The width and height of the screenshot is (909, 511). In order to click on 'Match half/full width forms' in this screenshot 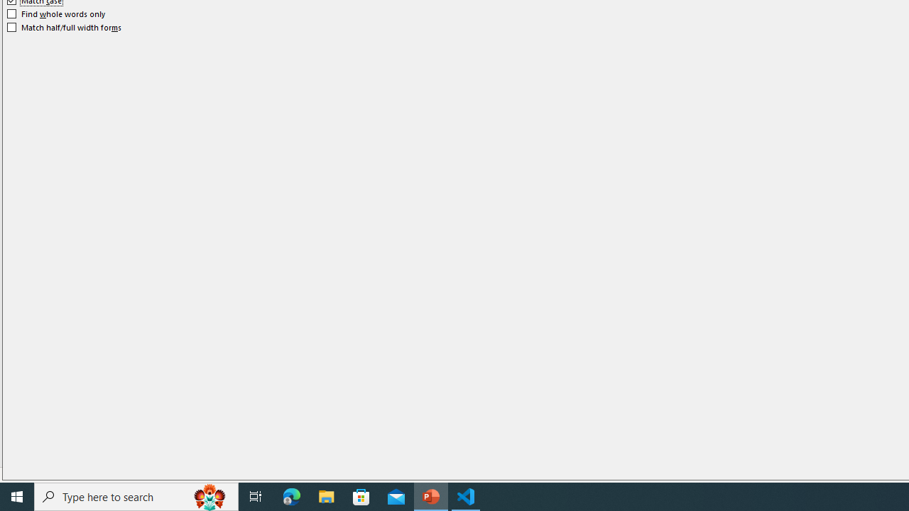, I will do `click(64, 27)`.